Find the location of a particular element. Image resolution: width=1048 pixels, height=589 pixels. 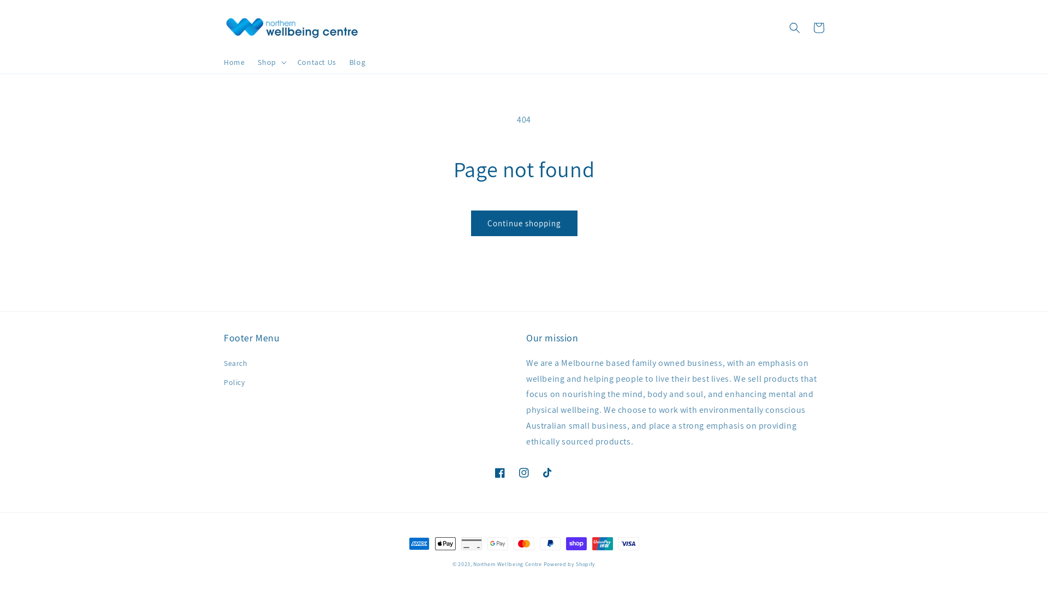

'Cart' is located at coordinates (818, 27).